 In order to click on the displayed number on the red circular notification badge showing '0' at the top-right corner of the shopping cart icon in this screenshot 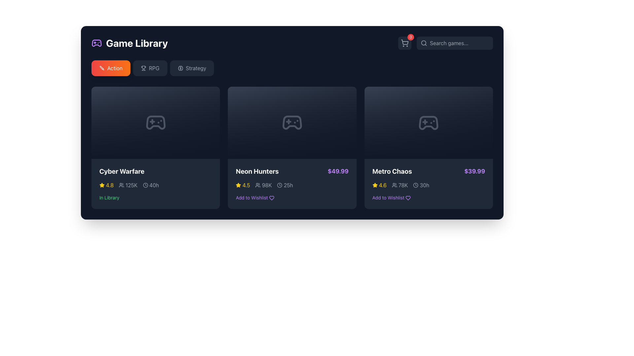, I will do `click(410, 37)`.